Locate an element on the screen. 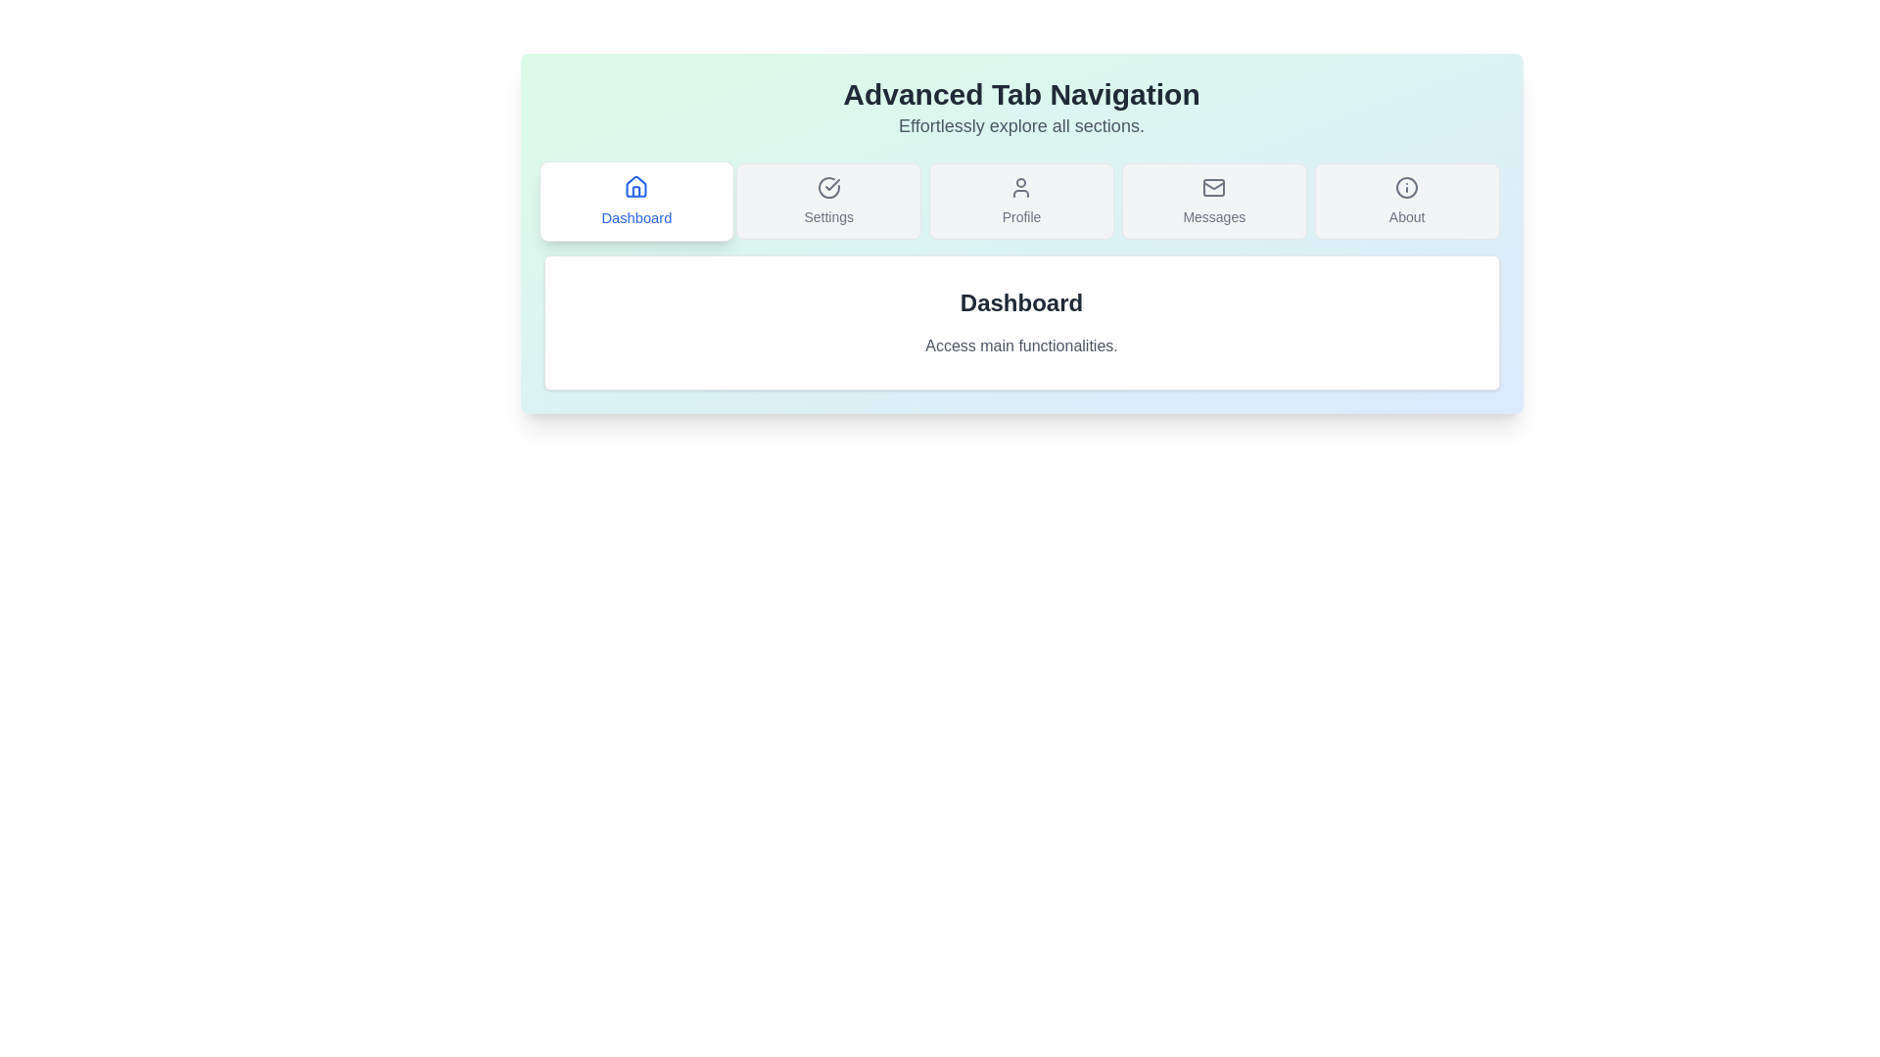  the tab button labeled Dashboard to navigate to the corresponding tab is located at coordinates (635, 201).